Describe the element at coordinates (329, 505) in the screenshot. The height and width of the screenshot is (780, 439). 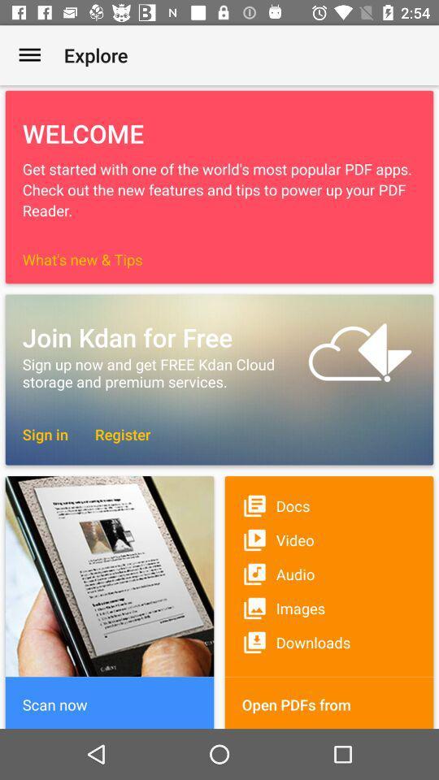
I see `docs icon` at that location.